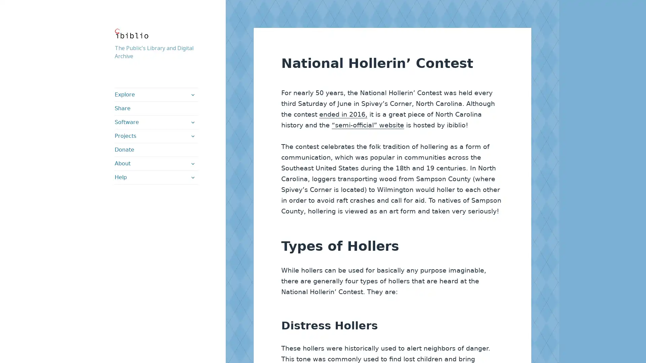  Describe the element at coordinates (192, 177) in the screenshot. I see `expand child menu` at that location.